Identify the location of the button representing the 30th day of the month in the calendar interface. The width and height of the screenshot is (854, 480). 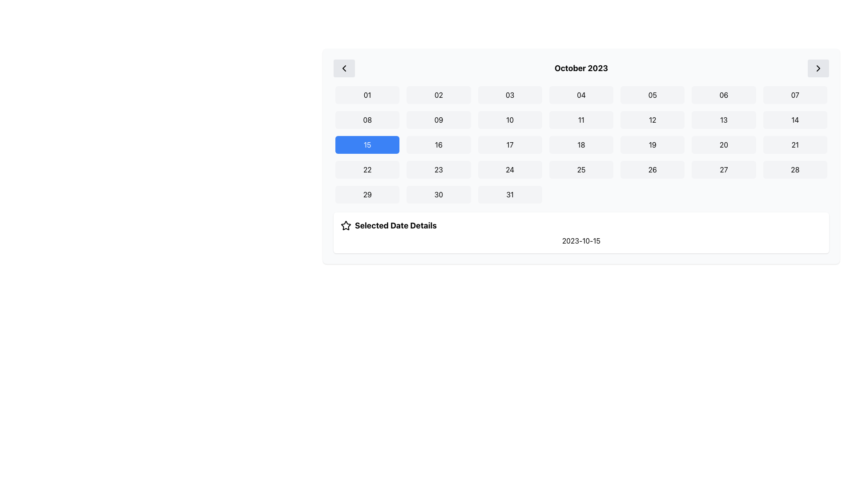
(439, 194).